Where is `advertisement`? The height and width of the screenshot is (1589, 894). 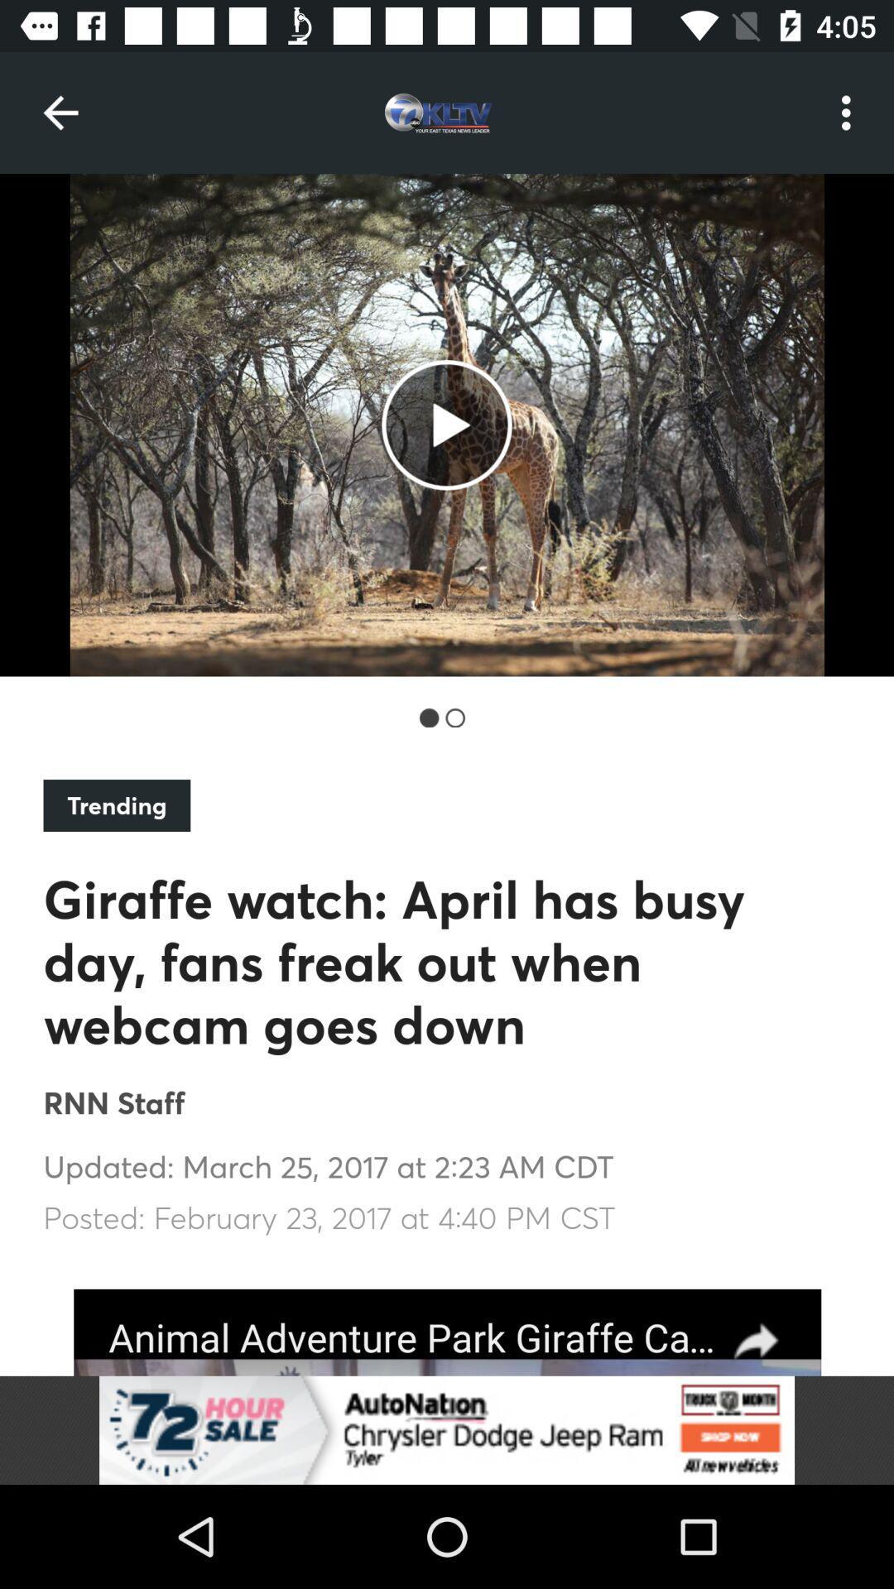 advertisement is located at coordinates (447, 1429).